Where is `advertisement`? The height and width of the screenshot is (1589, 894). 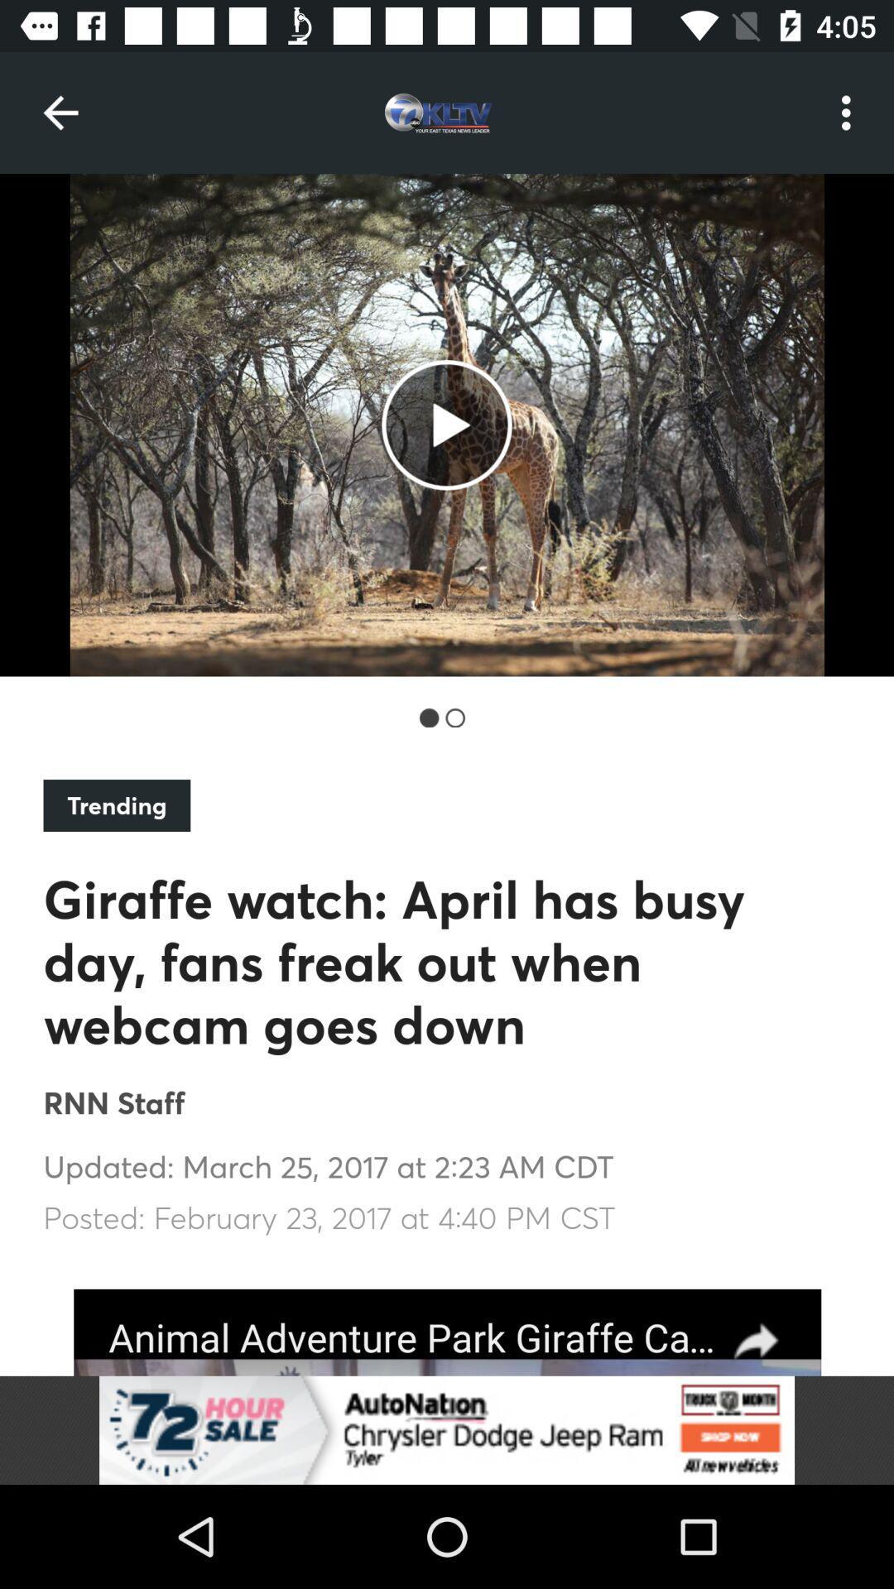 advertisement is located at coordinates (447, 1429).